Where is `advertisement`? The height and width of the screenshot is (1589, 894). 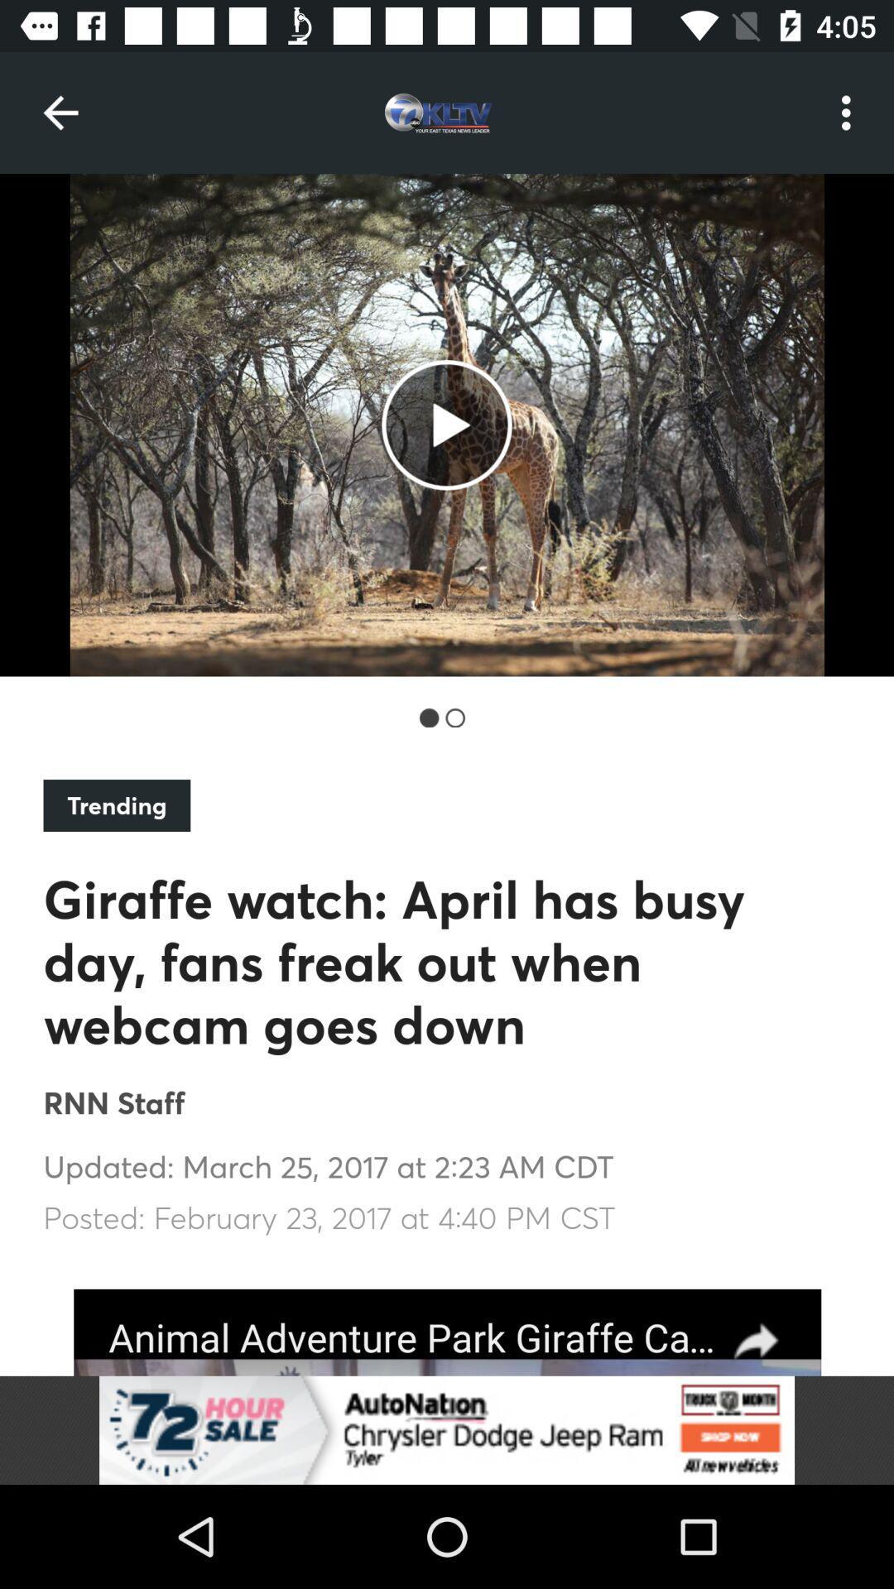 advertisement is located at coordinates (447, 1429).